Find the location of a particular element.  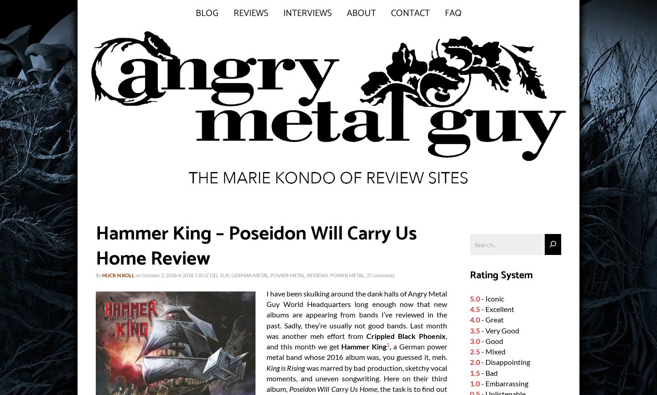

'Crippled Black Phoenix' is located at coordinates (406, 335).